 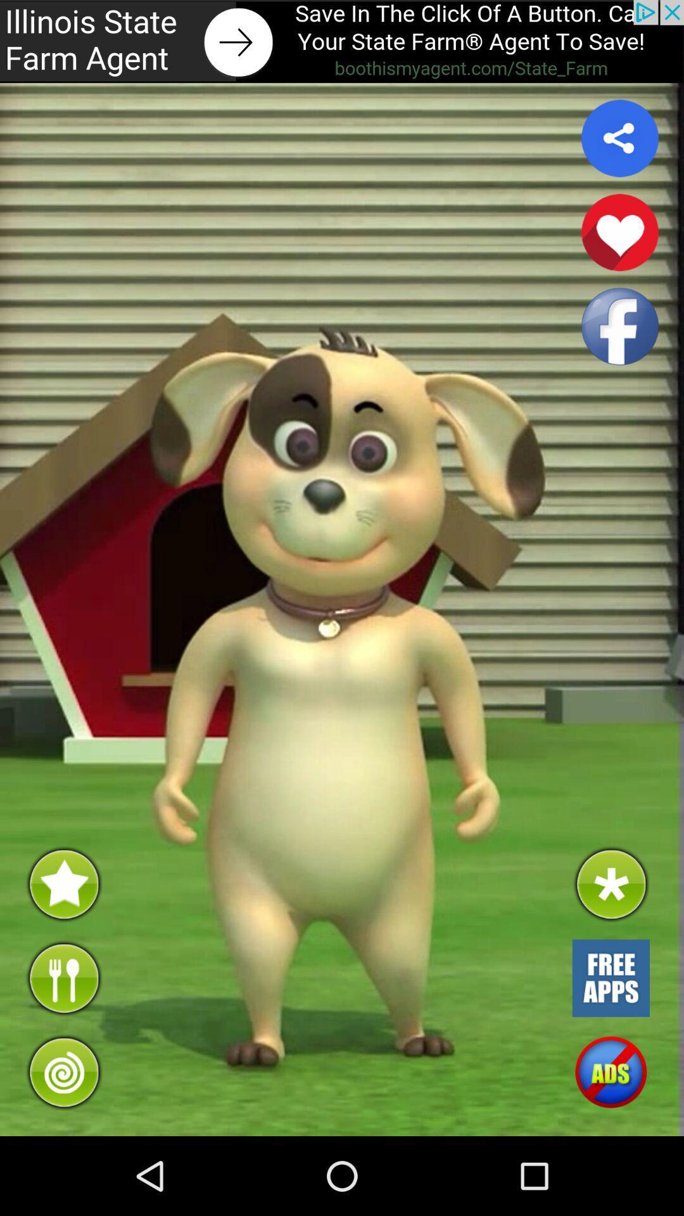 What do you see at coordinates (63, 977) in the screenshot?
I see `button for eating` at bounding box center [63, 977].